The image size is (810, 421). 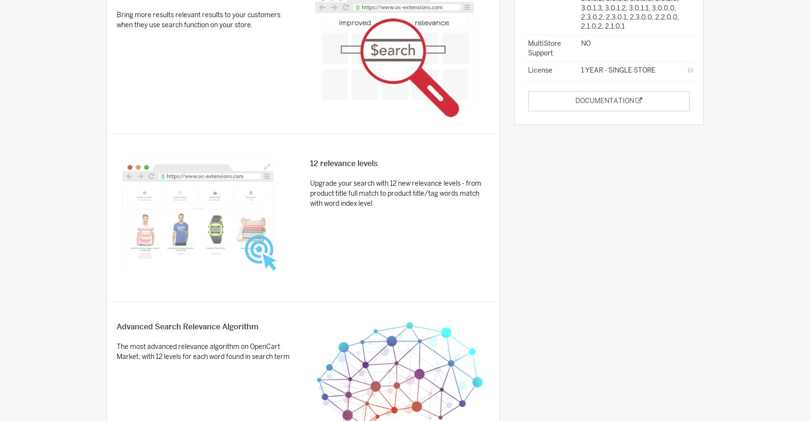 What do you see at coordinates (396, 193) in the screenshot?
I see `'Upgrade your search with 12 new relevance levels - from product title full match to product title/tag words match with word index level'` at bounding box center [396, 193].